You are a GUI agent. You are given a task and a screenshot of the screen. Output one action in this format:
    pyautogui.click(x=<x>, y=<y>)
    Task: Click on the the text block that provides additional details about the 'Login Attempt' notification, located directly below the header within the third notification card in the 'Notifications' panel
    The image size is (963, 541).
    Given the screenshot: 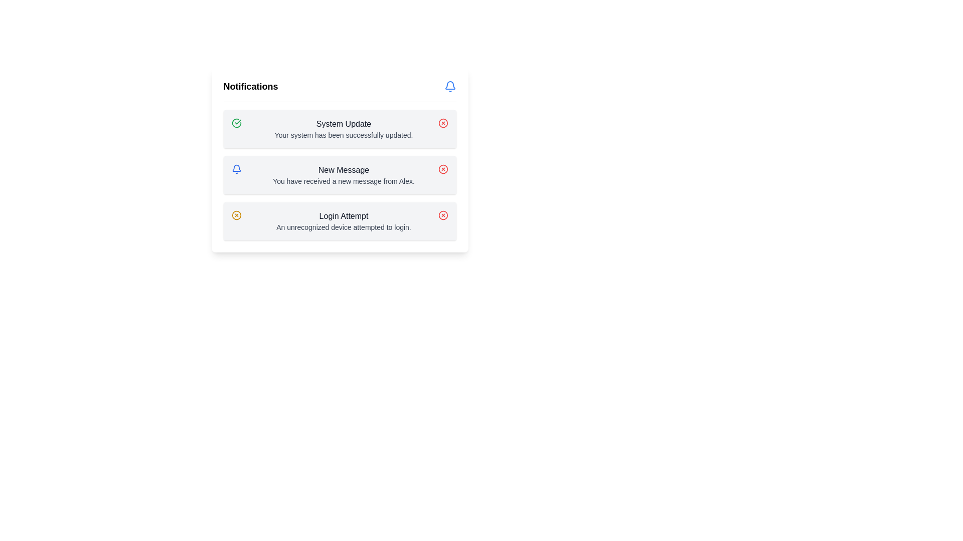 What is the action you would take?
    pyautogui.click(x=344, y=227)
    